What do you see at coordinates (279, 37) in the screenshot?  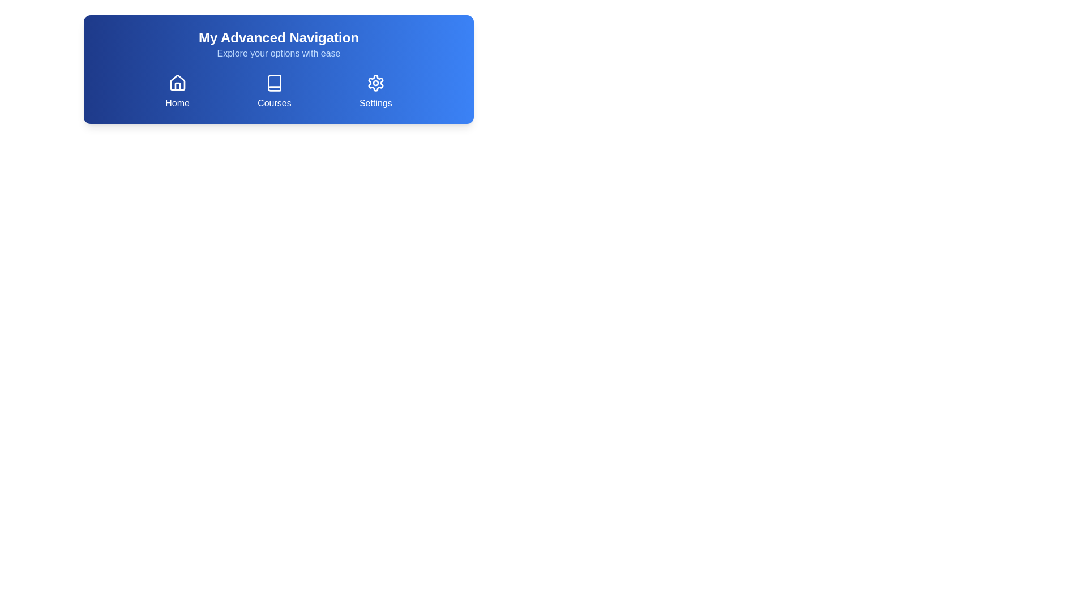 I see `the title text element located at the top-central region of the interface, which serves as a heading and is positioned above another text element that reads 'Explore your options with ease'` at bounding box center [279, 37].